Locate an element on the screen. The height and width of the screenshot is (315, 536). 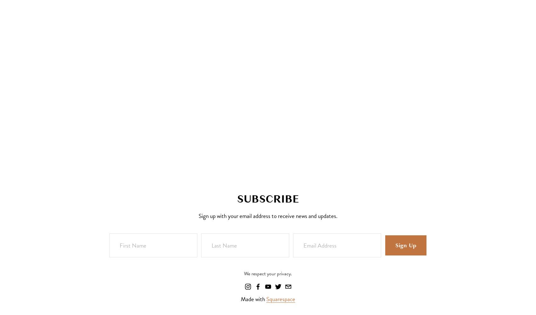
'Sign up with your email address to receive news and updates.' is located at coordinates (268, 215).